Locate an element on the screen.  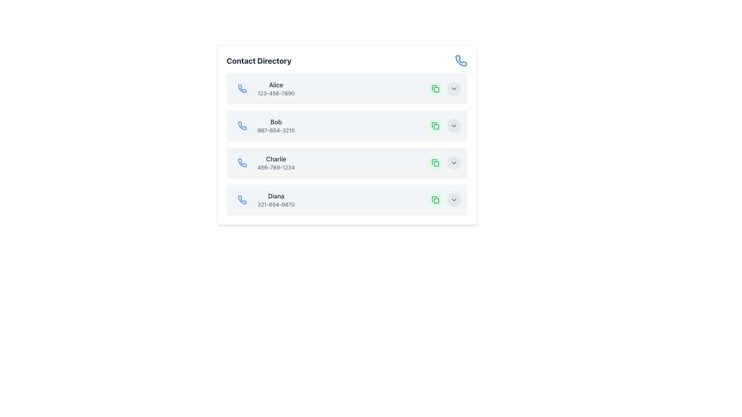
the text label displaying the phone number '123-456-7890', which is styled in gray and positioned below the name 'Alice' in the contact list is located at coordinates (276, 93).